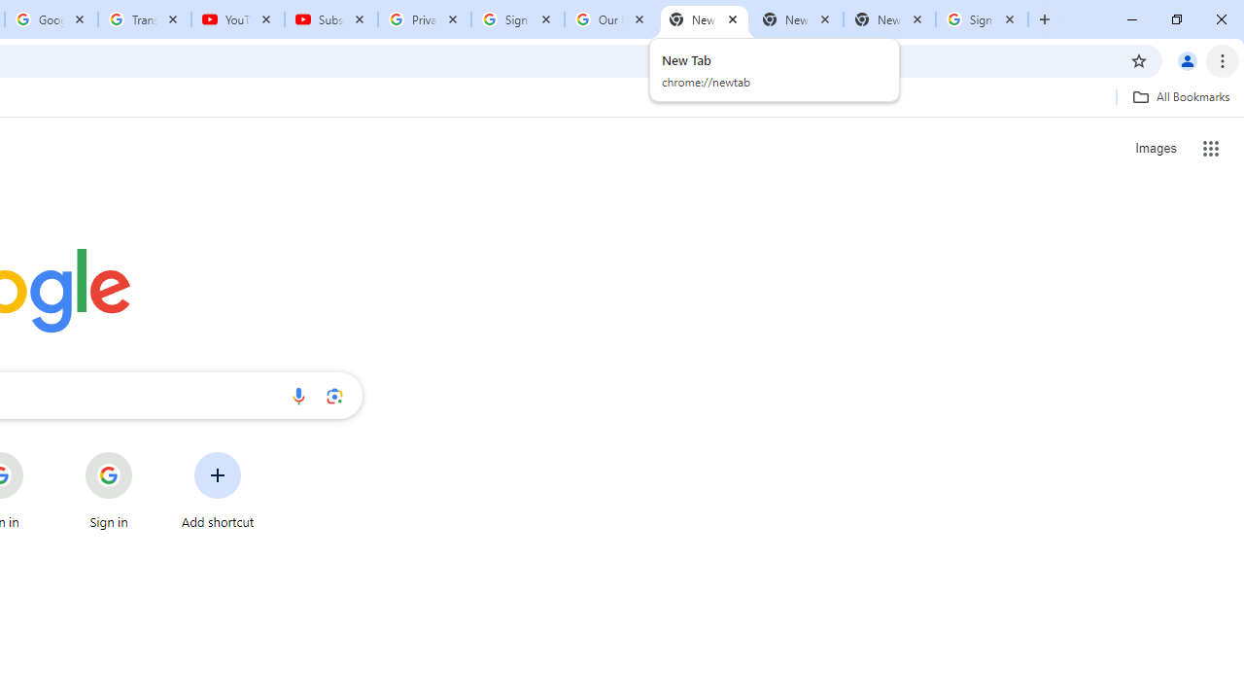 The image size is (1244, 700). I want to click on 'Search by voice', so click(297, 395).